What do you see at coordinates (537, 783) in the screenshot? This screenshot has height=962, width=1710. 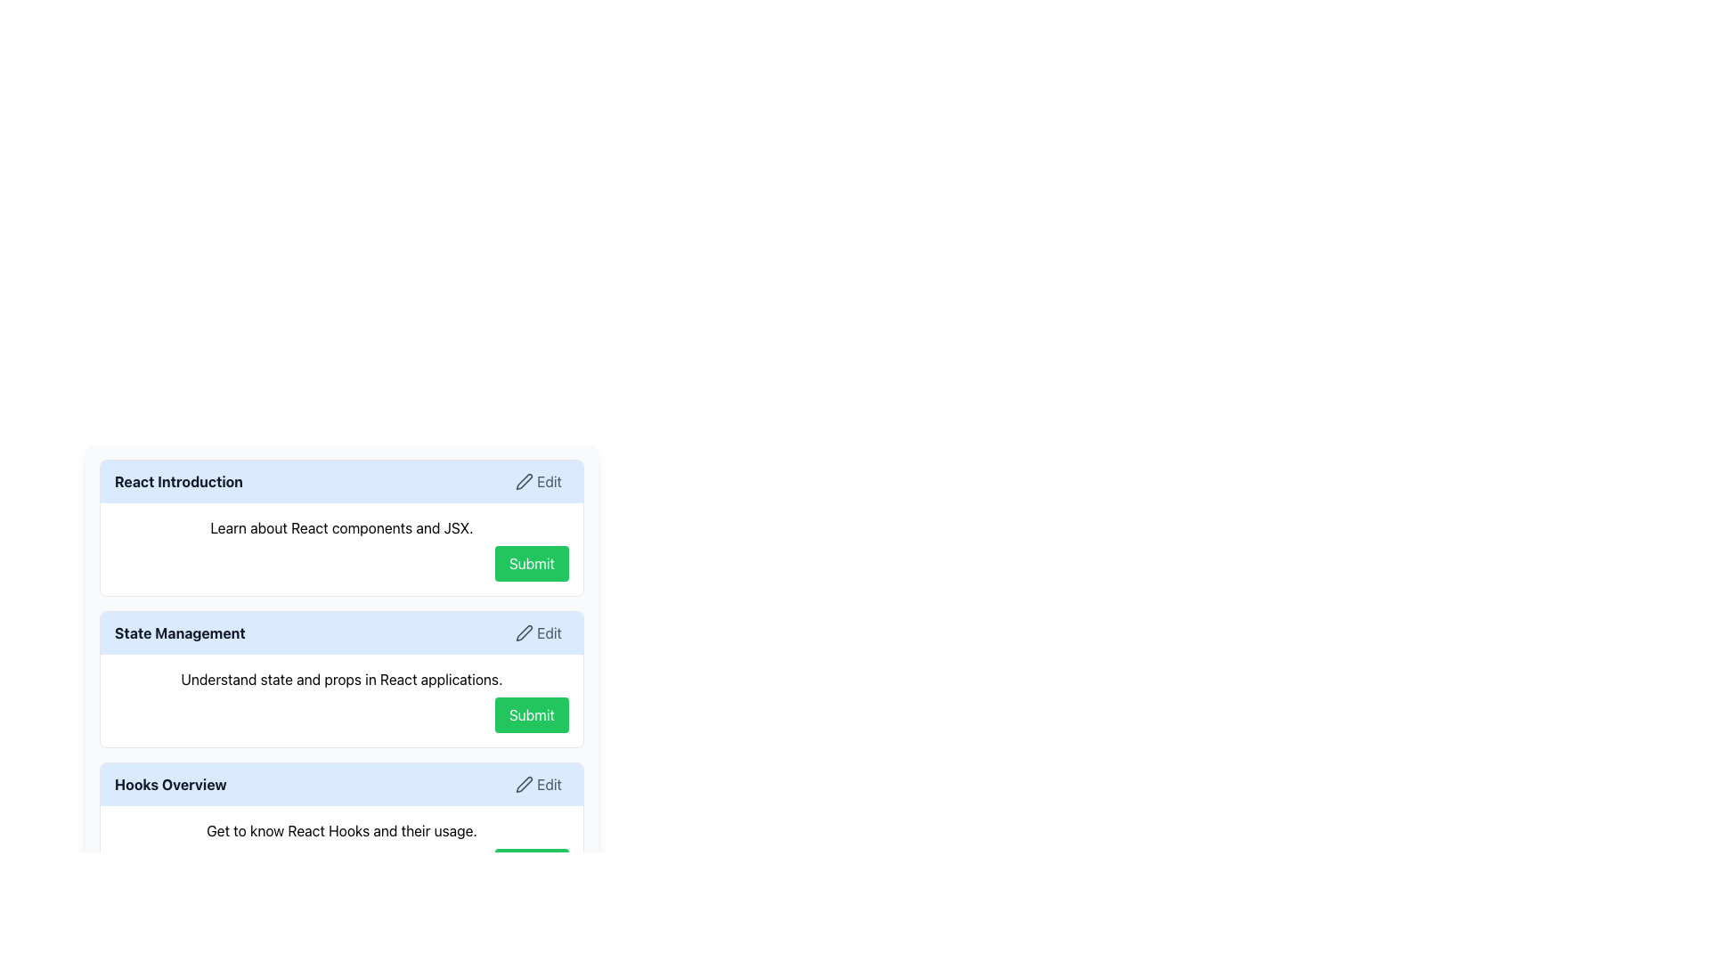 I see `the 'Edit' button located at the top-right corner of the 'Hooks Overview' section to initiate an edit action` at bounding box center [537, 783].